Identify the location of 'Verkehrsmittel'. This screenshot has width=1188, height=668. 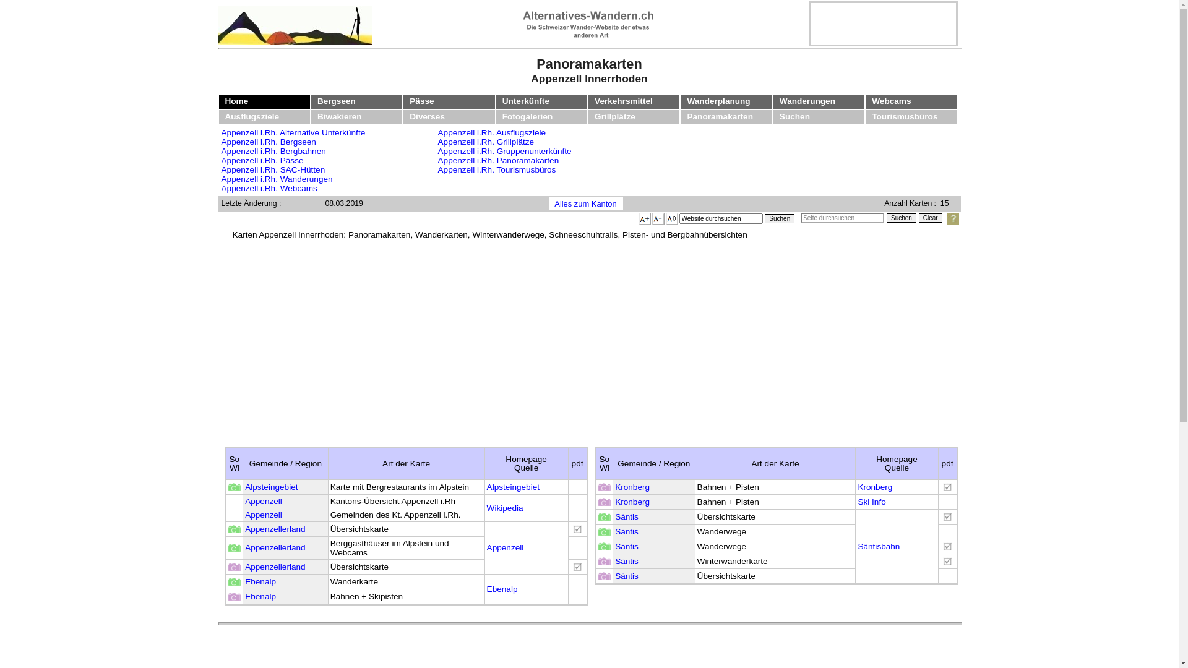
(624, 100).